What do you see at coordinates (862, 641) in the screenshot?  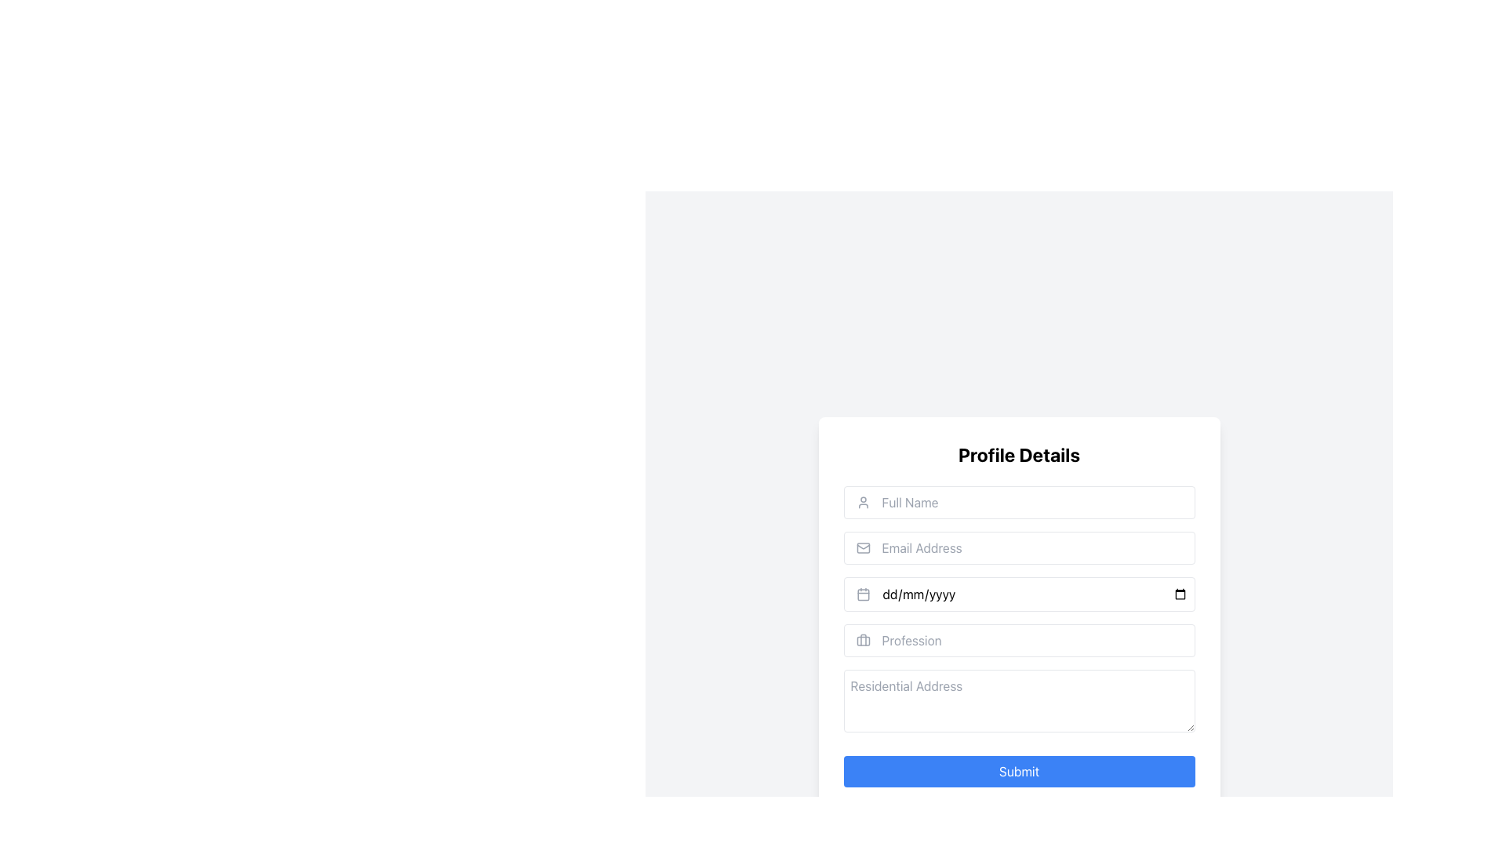 I see `the decorative icon positioned to the left of the 'Profession' input field in the form` at bounding box center [862, 641].